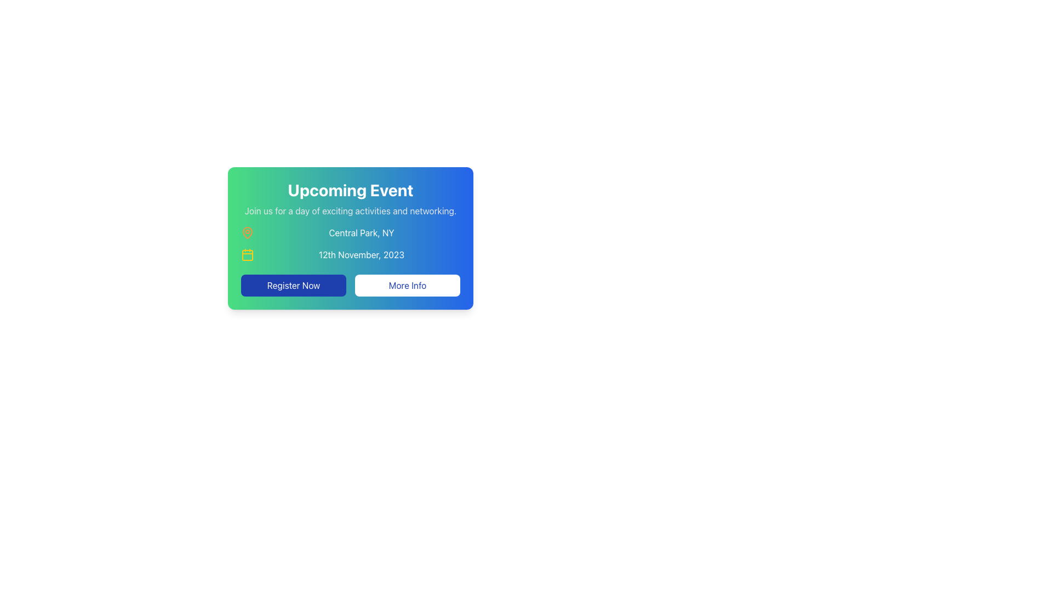 This screenshot has width=1052, height=592. What do you see at coordinates (362, 255) in the screenshot?
I see `the text label displaying the date '12th November, 2023', which is styled with a modern font and located below the 'Central Park, NY' location text, to the right of a yellow calendar icon` at bounding box center [362, 255].